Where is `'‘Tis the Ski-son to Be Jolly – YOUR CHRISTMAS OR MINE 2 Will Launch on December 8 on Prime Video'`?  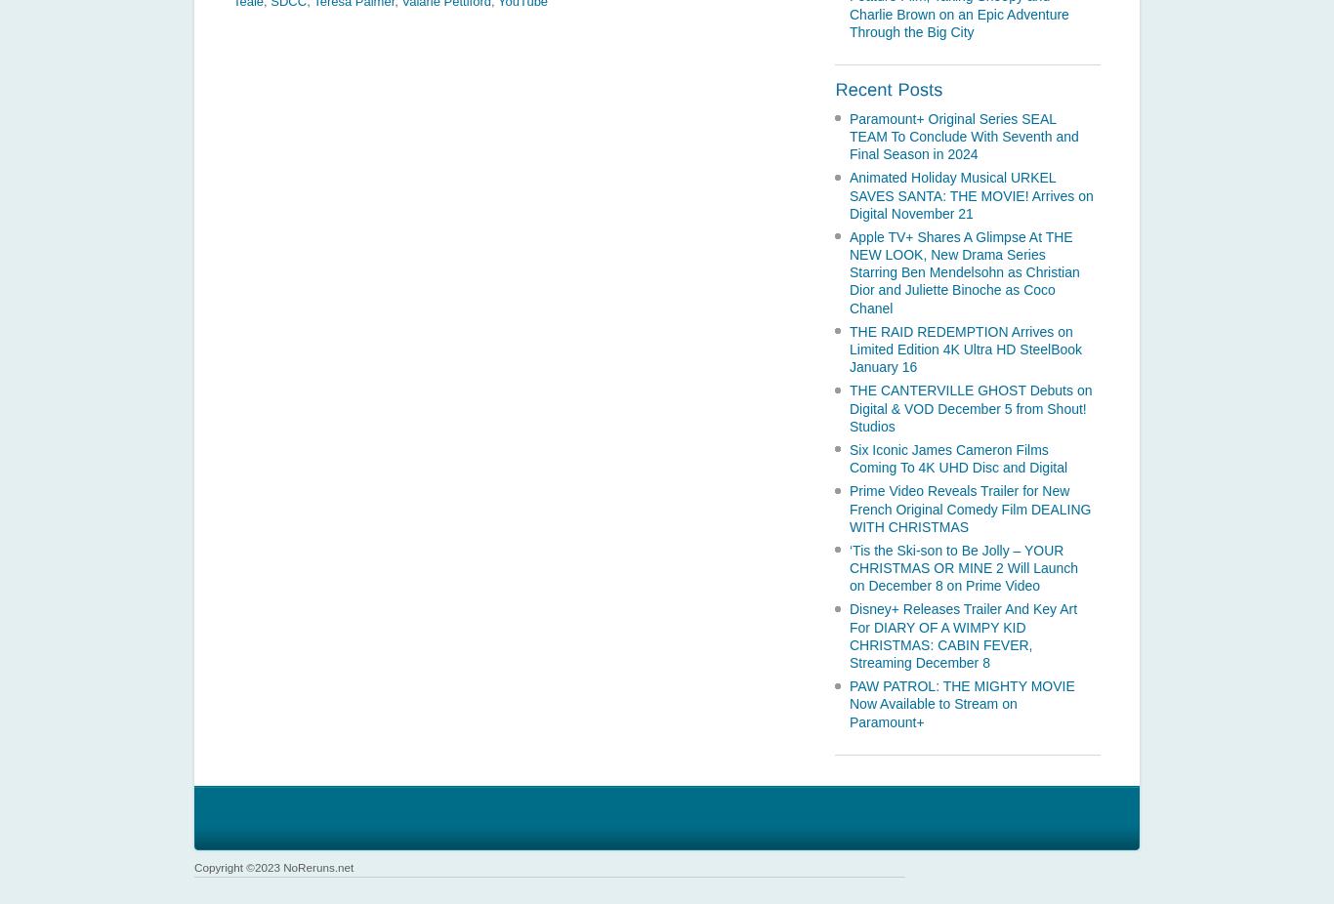
'‘Tis the Ski-son to Be Jolly – YOUR CHRISTMAS OR MINE 2 Will Launch on December 8 on Prime Video' is located at coordinates (963, 566).